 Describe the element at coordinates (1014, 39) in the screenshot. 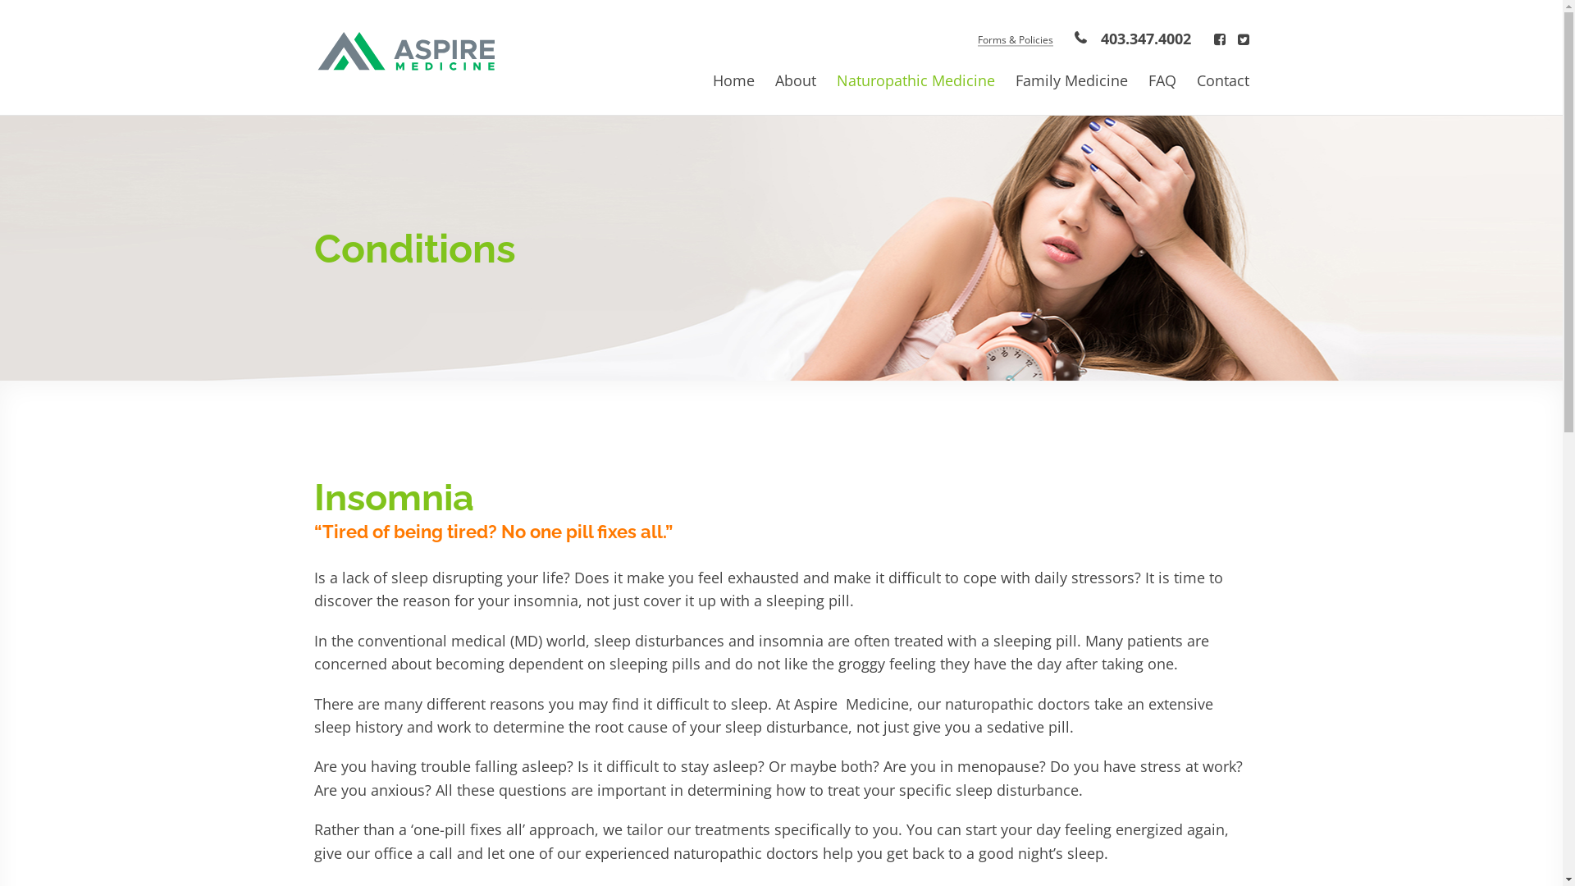

I see `'Forms & Policies'` at that location.